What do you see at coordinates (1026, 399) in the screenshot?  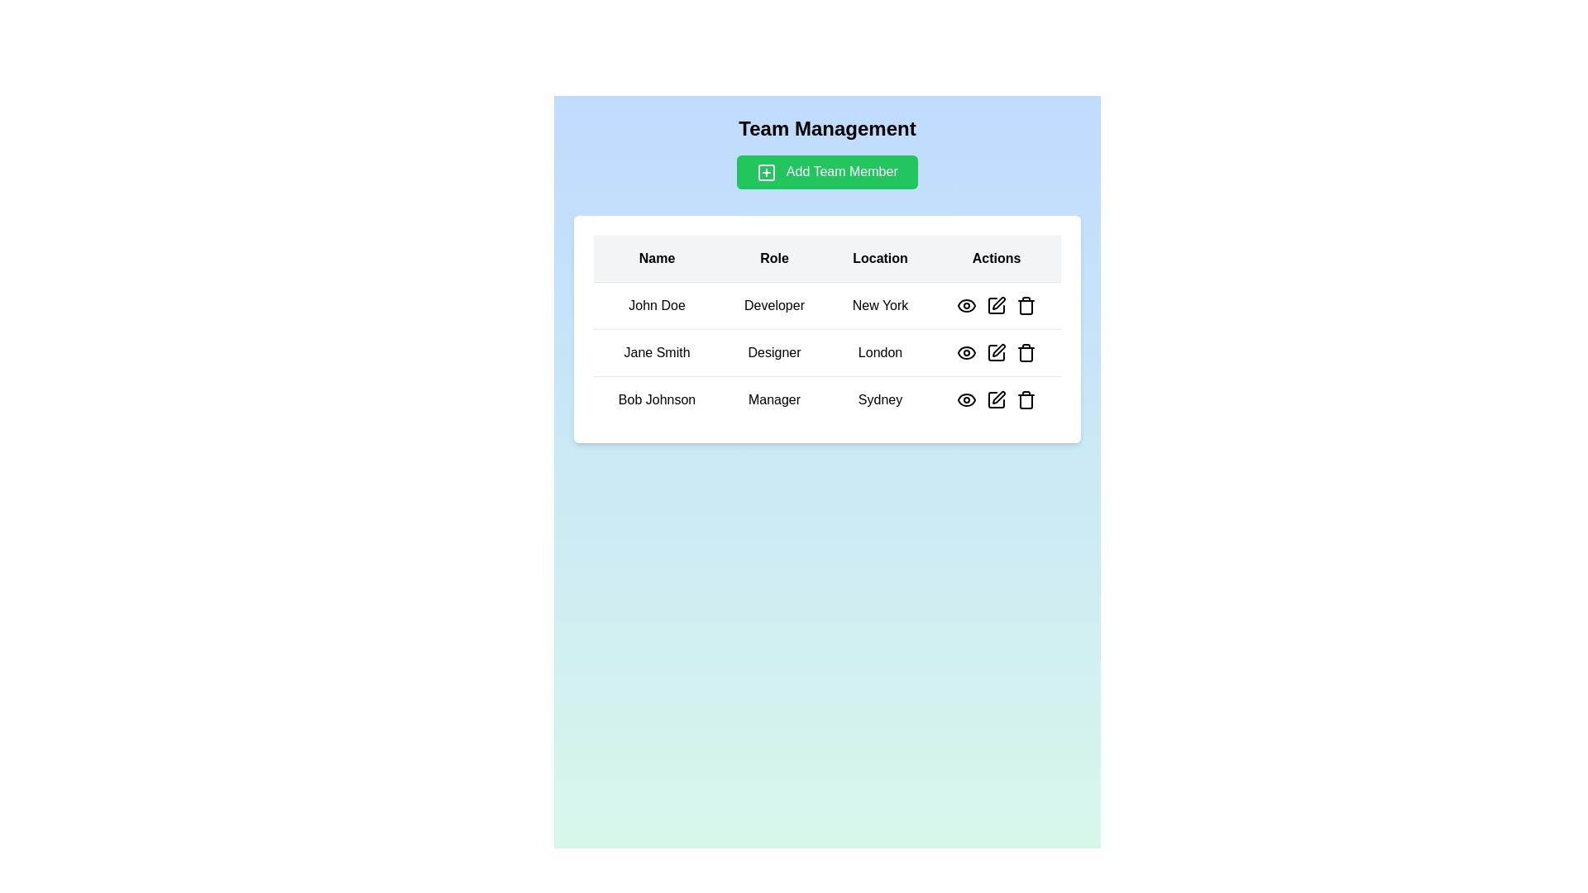 I see `the trash can icon button in the 'Actions' column for 'Bob Johnson'` at bounding box center [1026, 399].